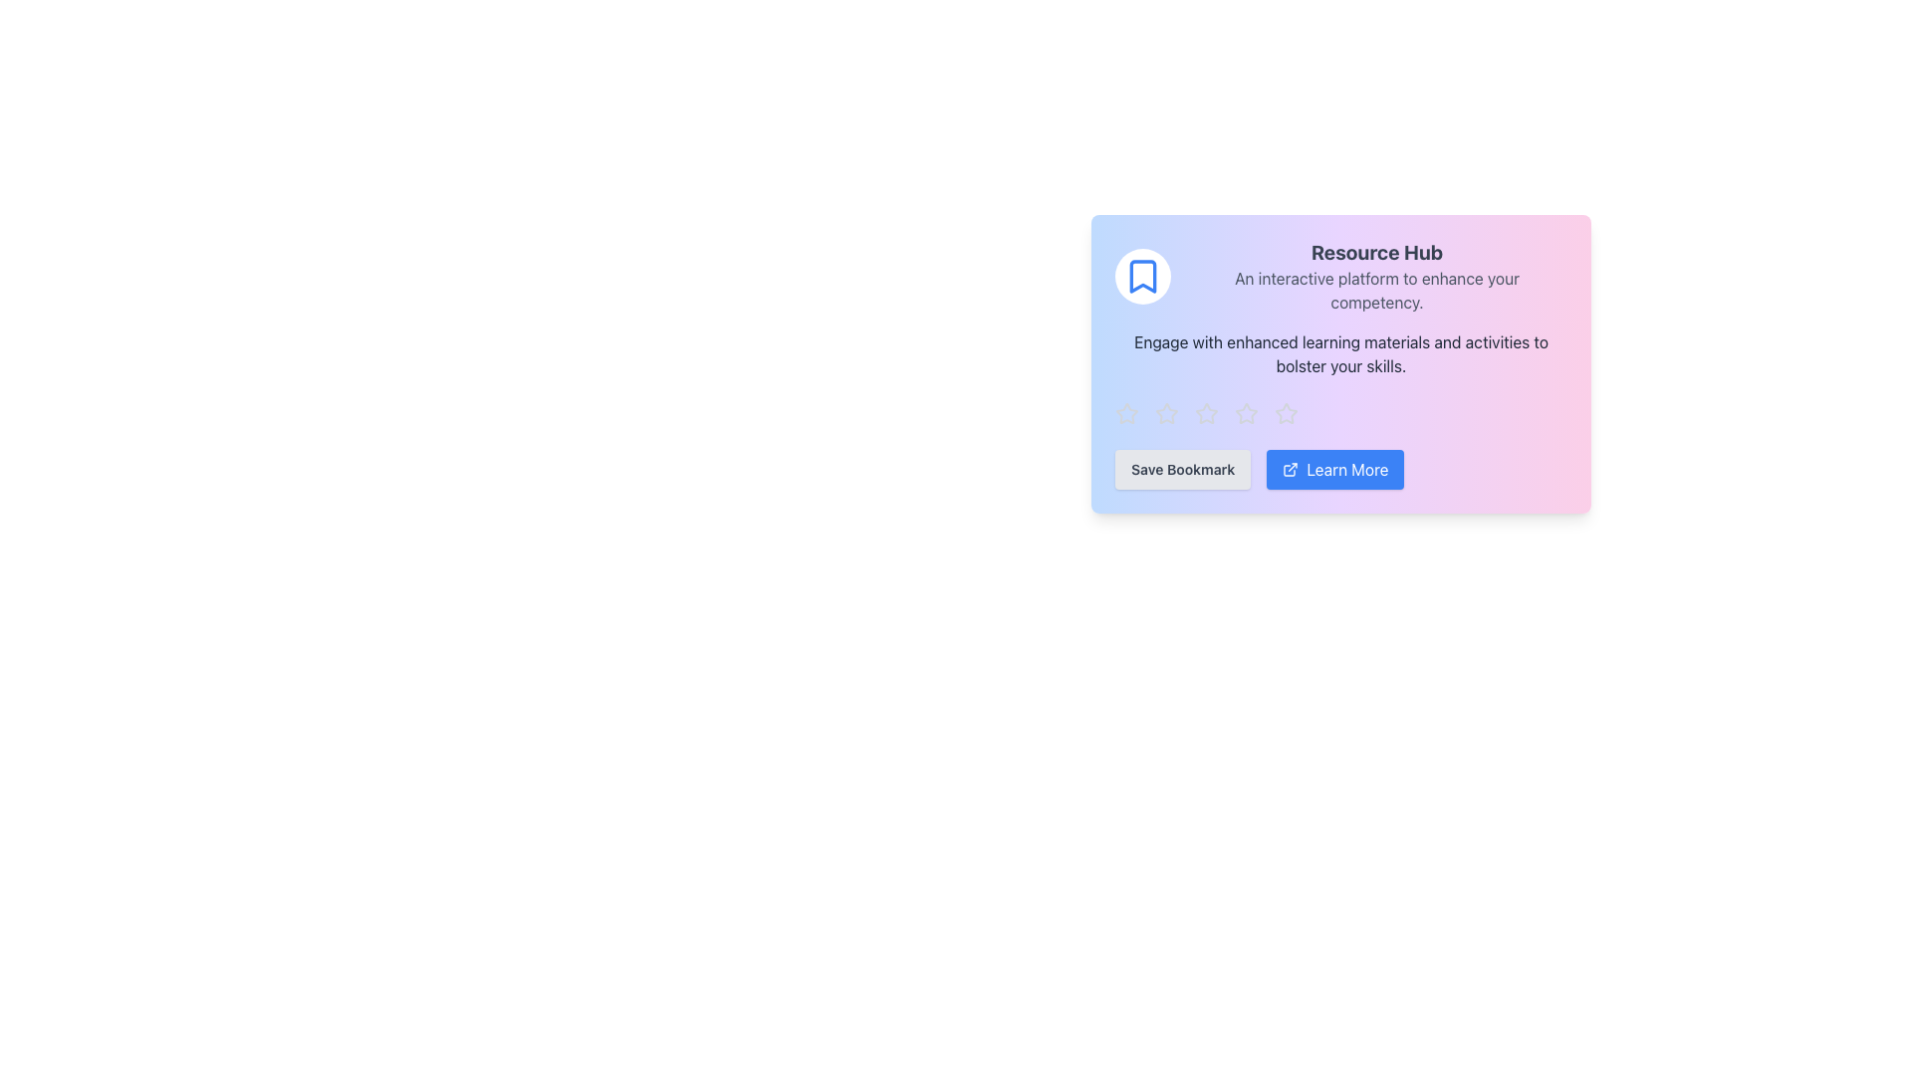  I want to click on the icon located to the left of the 'Learn More' button within a multi-color gradient card interface, so click(1291, 469).